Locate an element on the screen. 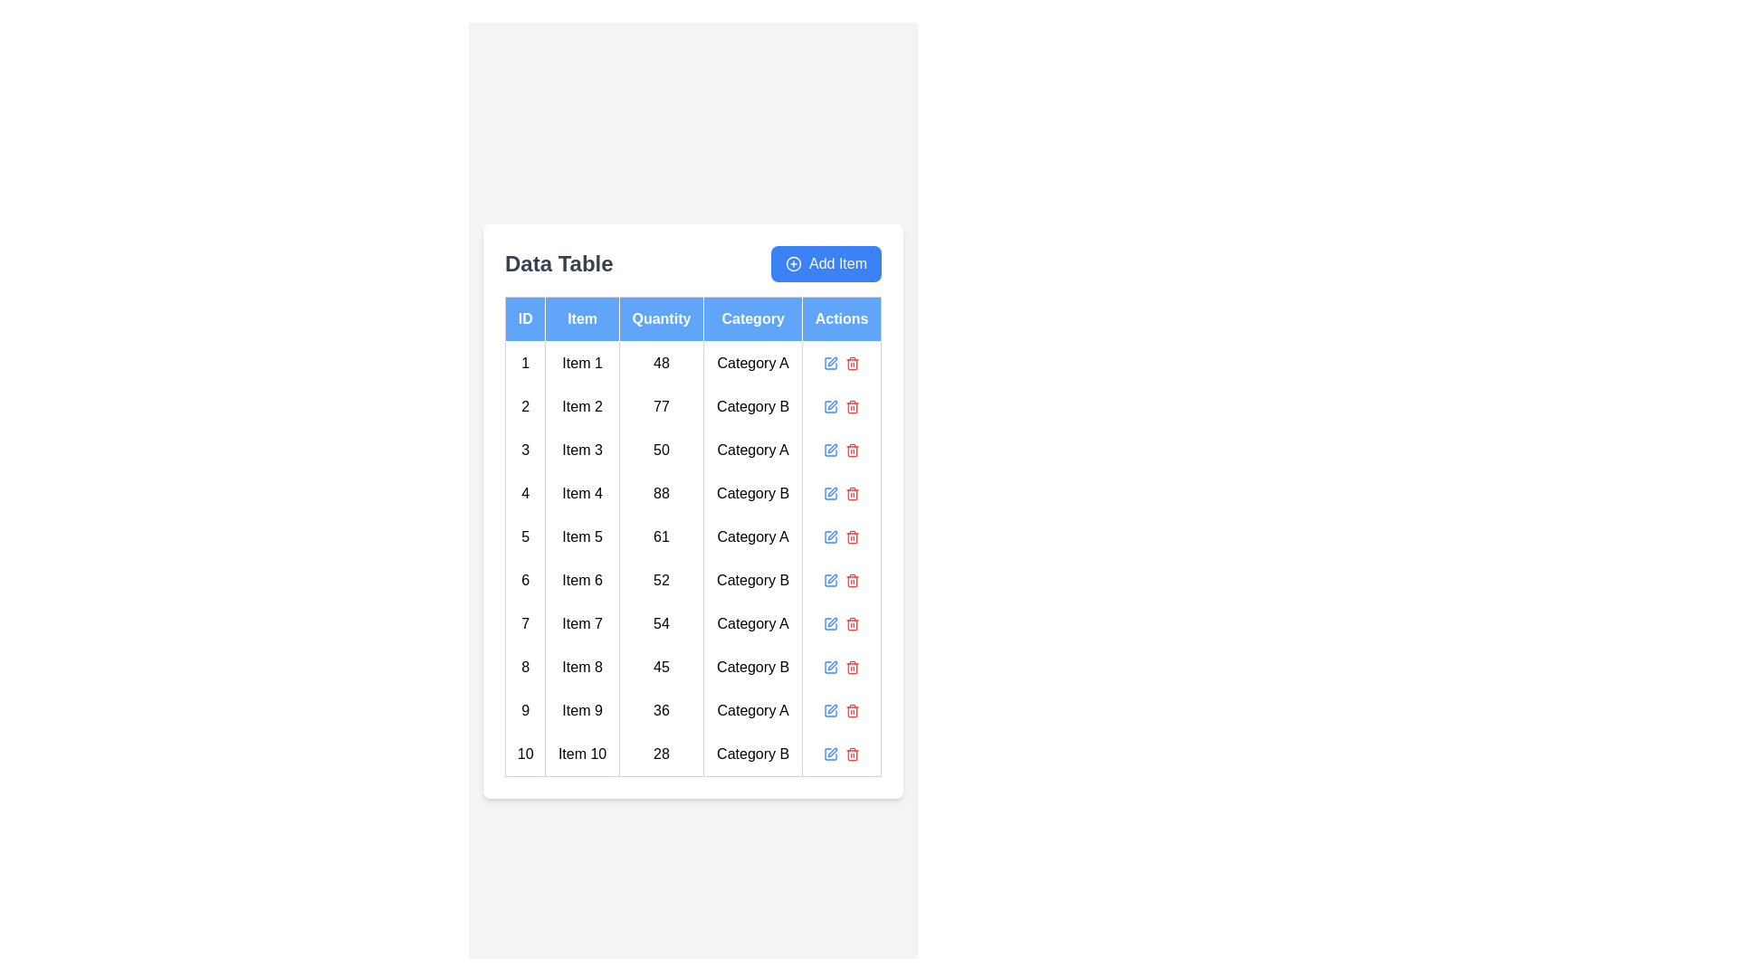  the first blue square-shaped icon button in the 'Actions' column of the 9th row in the data table to initiate editing is located at coordinates (830, 709).